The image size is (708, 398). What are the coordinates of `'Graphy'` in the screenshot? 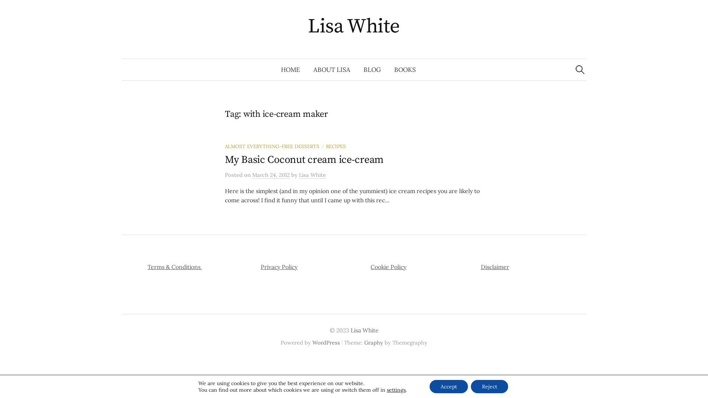 It's located at (374, 342).